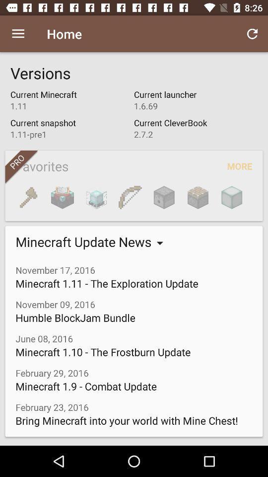 This screenshot has width=268, height=477. I want to click on bow, so click(130, 197).